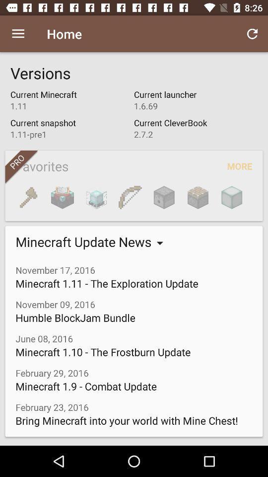 This screenshot has width=268, height=477. I want to click on bow, so click(130, 197).